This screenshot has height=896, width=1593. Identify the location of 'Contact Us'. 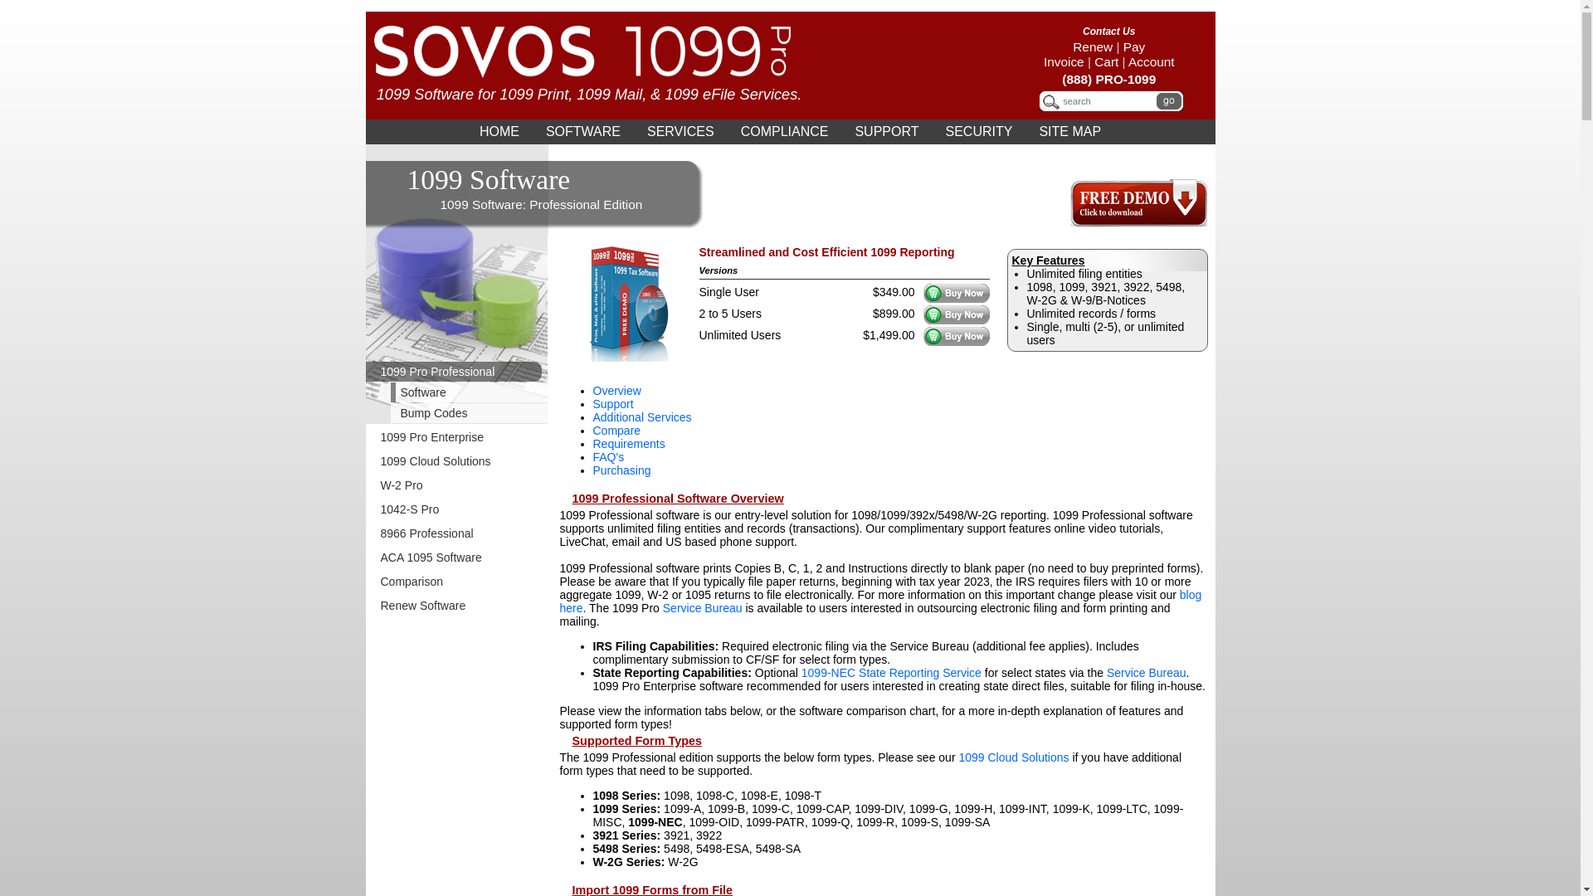
(1072, 32).